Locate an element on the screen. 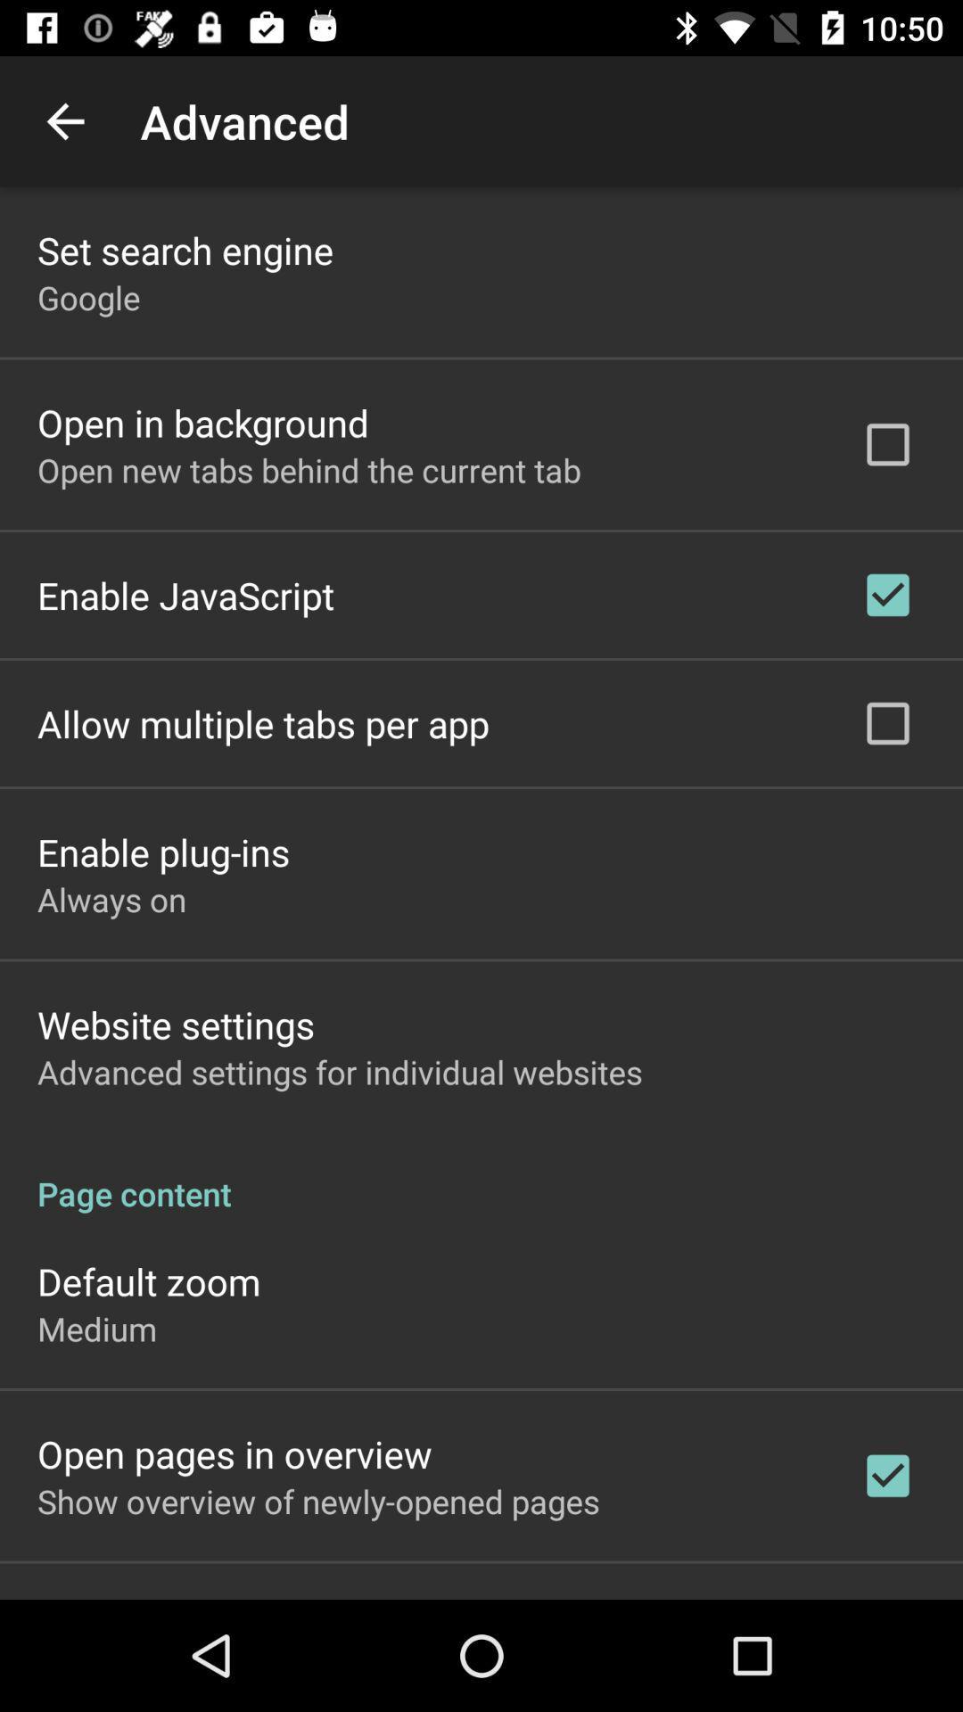  allow multiple tabs item is located at coordinates (263, 723).